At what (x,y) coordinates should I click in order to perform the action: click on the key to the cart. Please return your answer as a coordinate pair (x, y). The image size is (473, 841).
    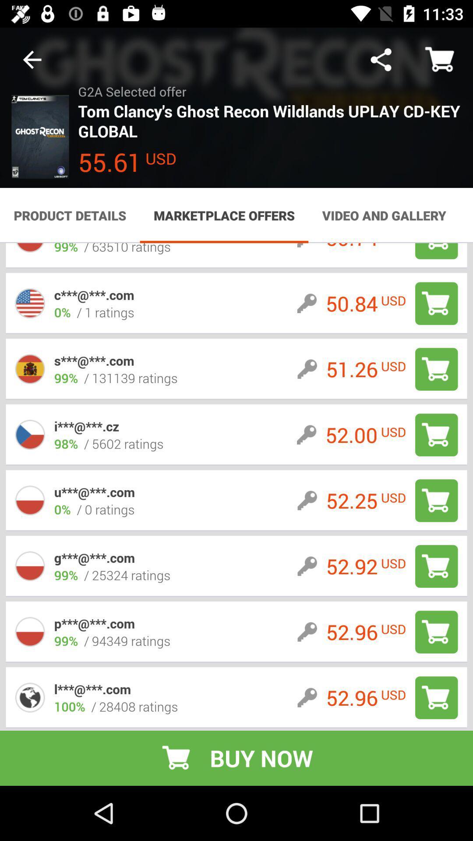
    Looking at the image, I should click on (436, 369).